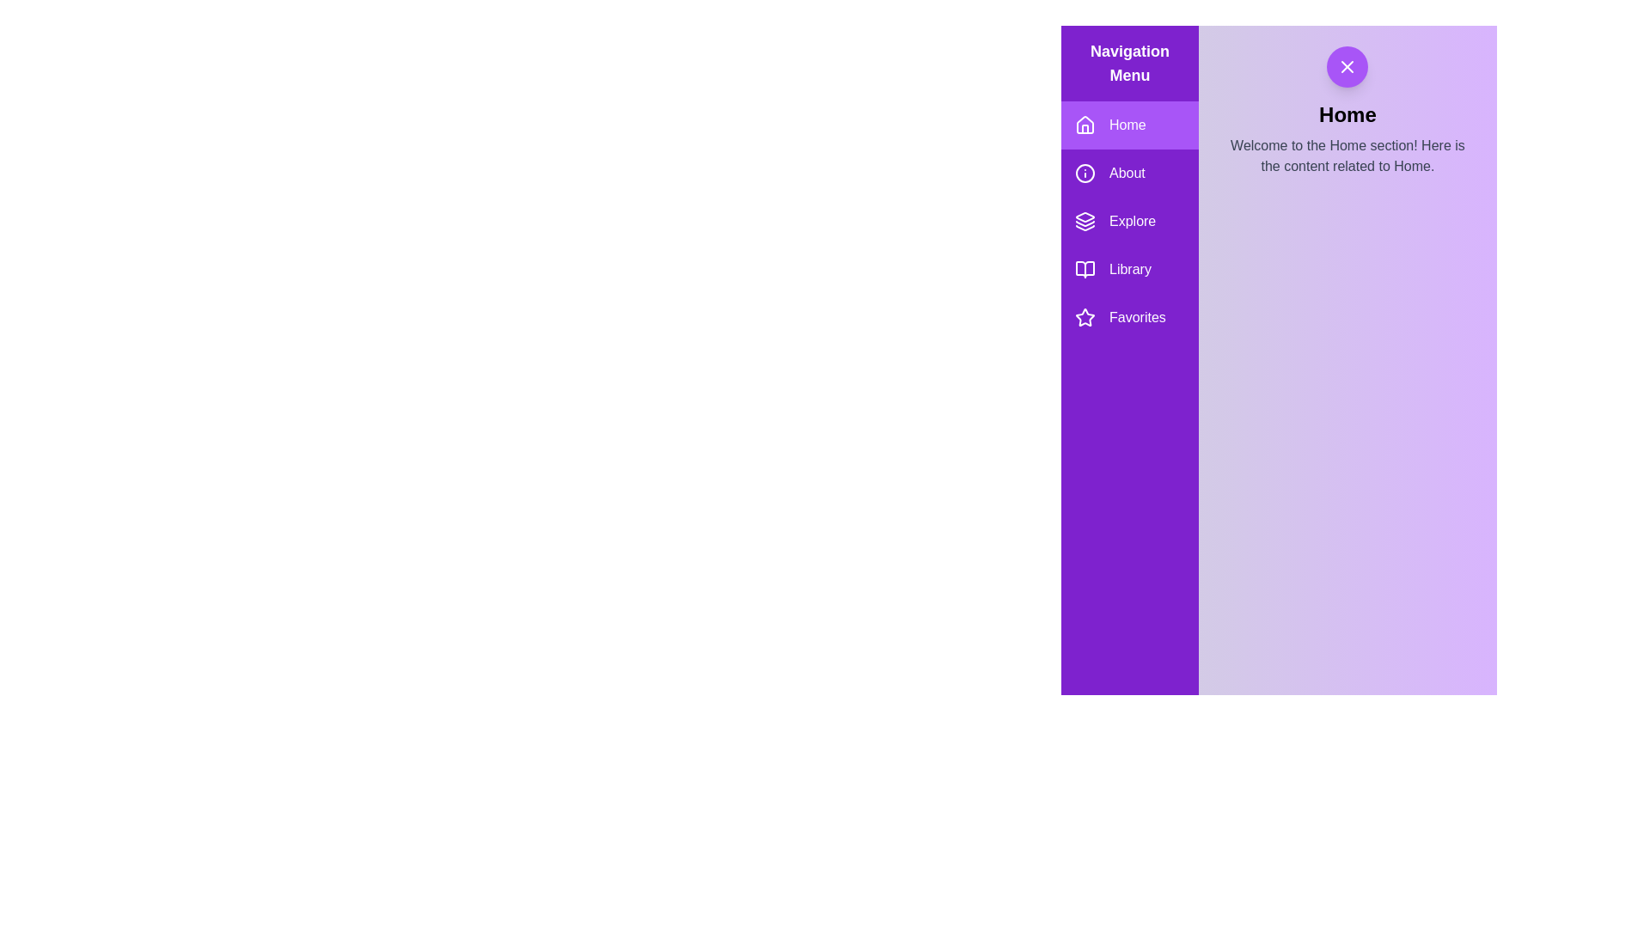 The image size is (1650, 928). Describe the element at coordinates (1130, 125) in the screenshot. I see `the navigation menu item Home` at that location.